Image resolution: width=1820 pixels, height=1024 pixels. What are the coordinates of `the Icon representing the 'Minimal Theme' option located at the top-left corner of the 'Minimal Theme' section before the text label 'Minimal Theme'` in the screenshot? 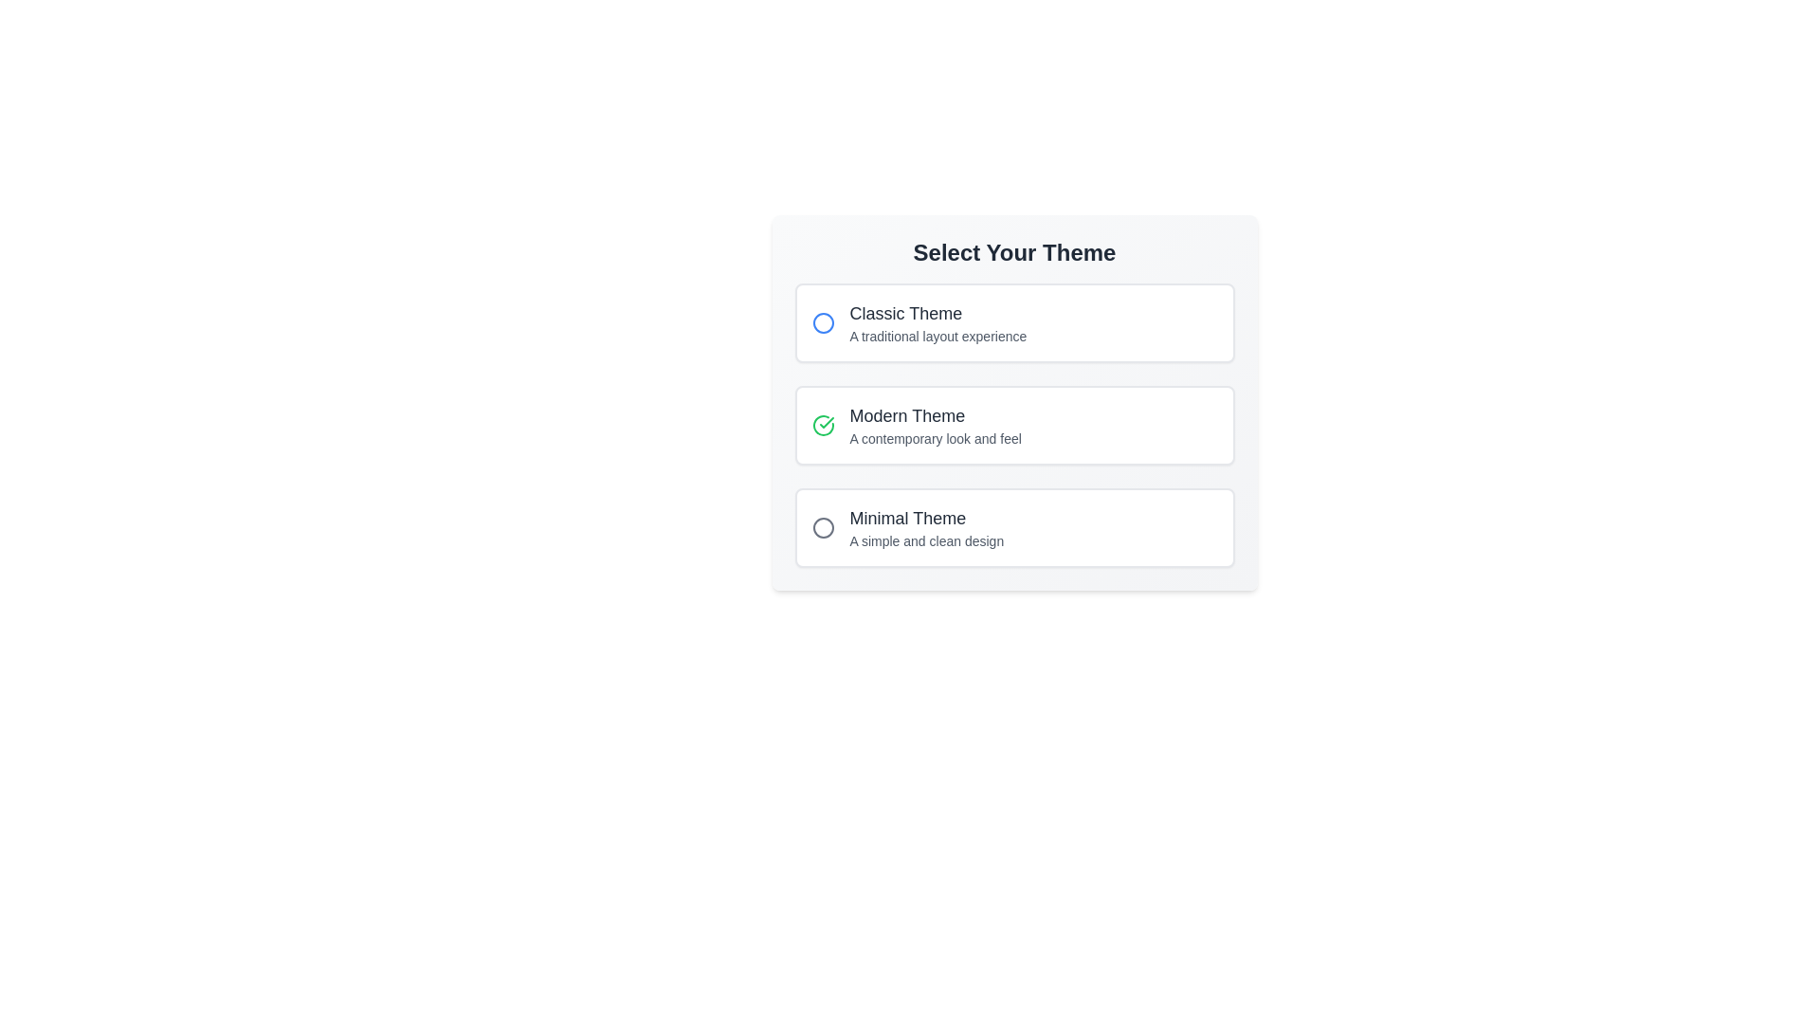 It's located at (823, 527).